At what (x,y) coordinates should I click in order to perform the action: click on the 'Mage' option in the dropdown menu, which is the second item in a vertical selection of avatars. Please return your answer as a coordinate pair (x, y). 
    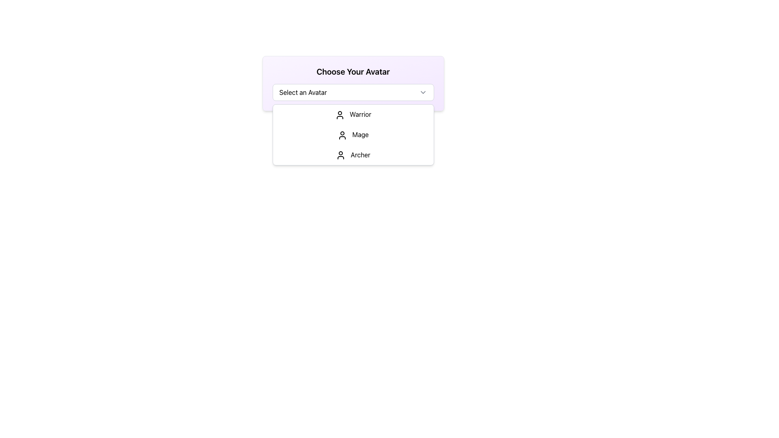
    Looking at the image, I should click on (353, 134).